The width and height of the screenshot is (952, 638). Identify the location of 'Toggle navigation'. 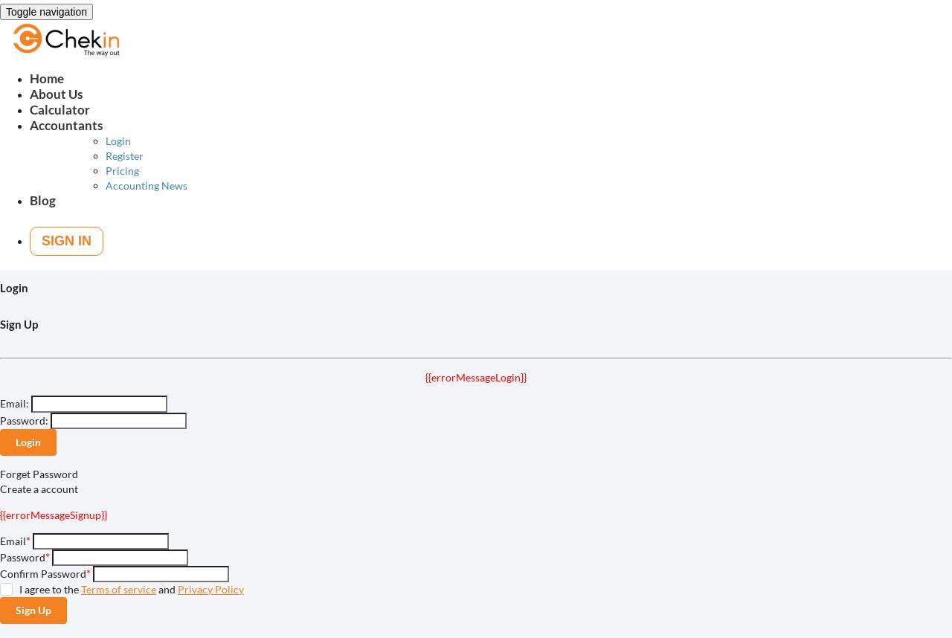
(6, 11).